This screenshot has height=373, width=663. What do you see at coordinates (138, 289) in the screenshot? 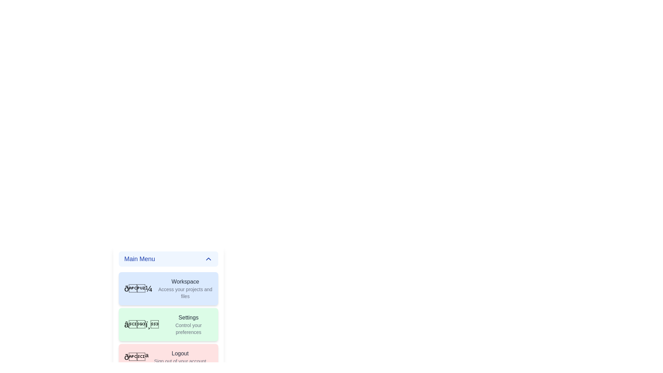
I see `the emoji-like icon '💼' located on the upper left part of the blue rectangular 'Workspace' button` at bounding box center [138, 289].